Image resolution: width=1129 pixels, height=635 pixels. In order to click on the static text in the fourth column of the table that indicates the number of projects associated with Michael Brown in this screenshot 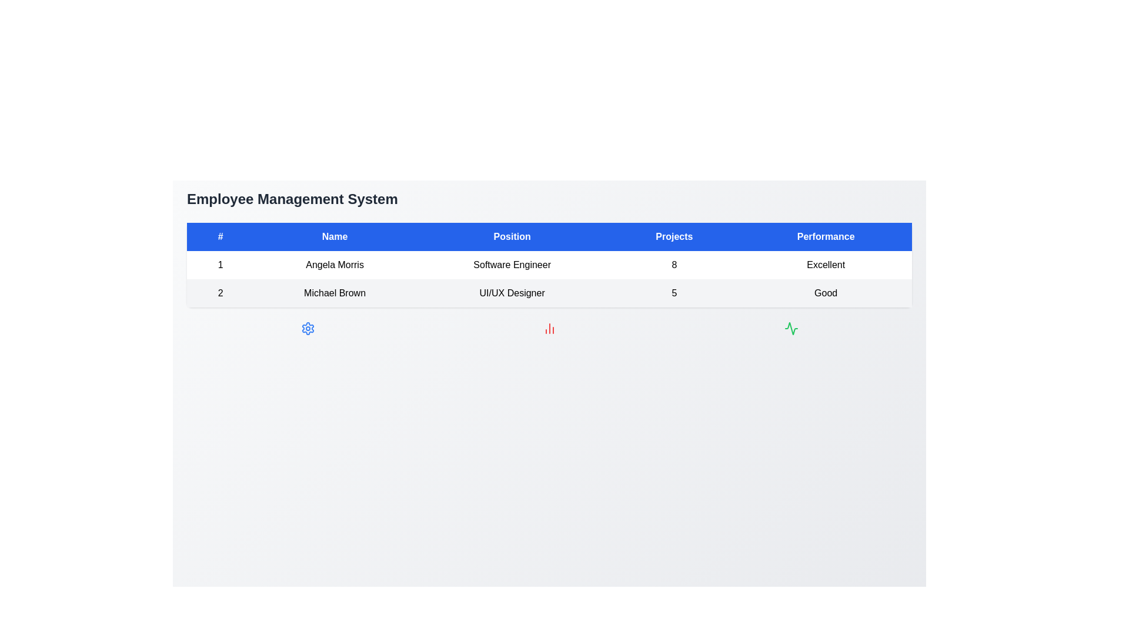, I will do `click(674, 292)`.